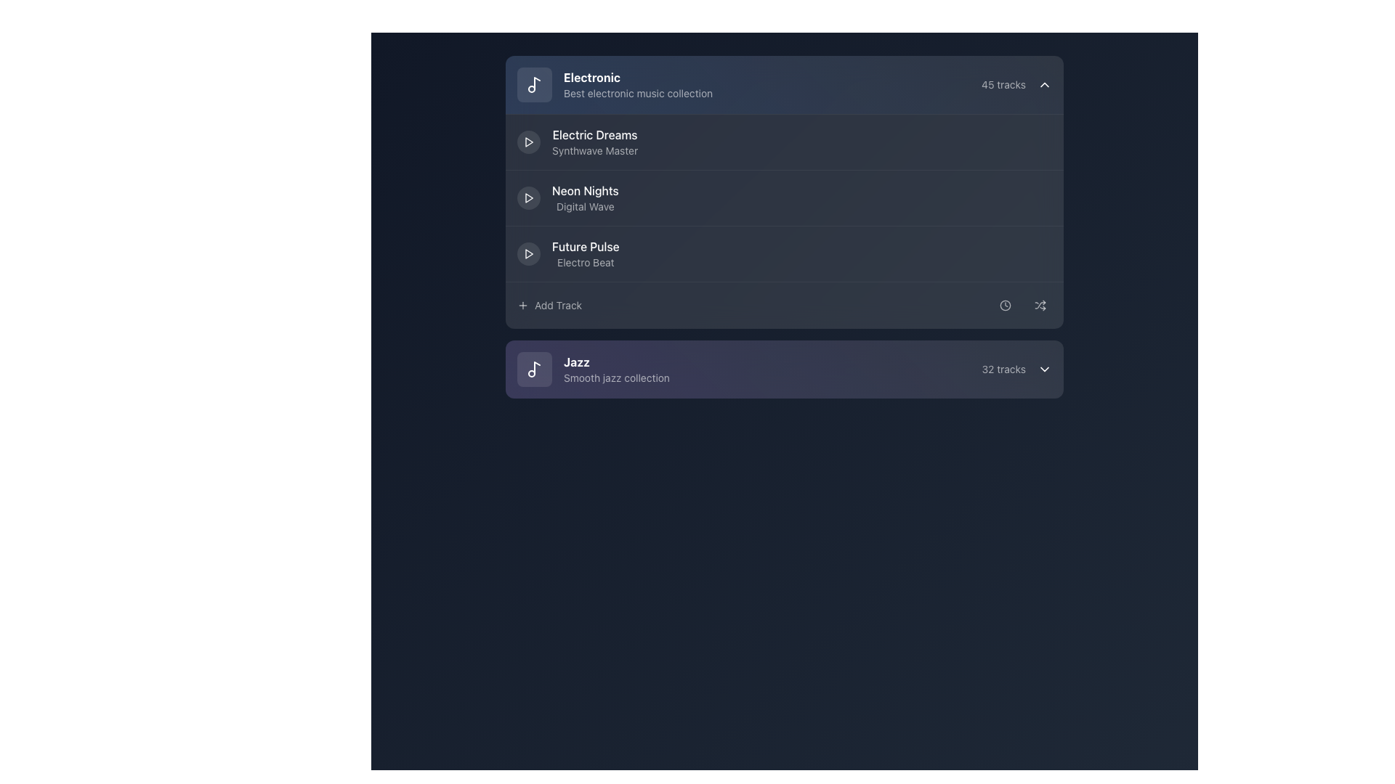 The height and width of the screenshot is (784, 1395). Describe the element at coordinates (1016, 84) in the screenshot. I see `the interactive informational indicator in the top-right corner of the music album or playlist to access the dropdown functionality` at that location.